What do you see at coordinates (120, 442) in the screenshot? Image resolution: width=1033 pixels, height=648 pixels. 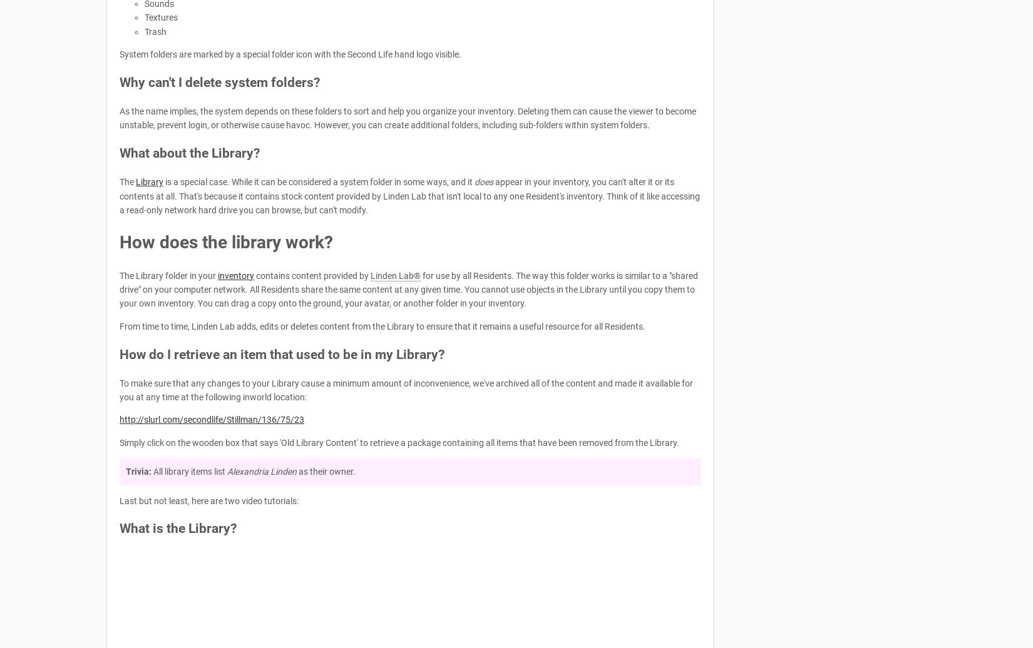 I see `'Simply click on the wooden box that says 'Old Library Content' to retrieve a package containing all items that have been removed from the Library.'` at bounding box center [120, 442].